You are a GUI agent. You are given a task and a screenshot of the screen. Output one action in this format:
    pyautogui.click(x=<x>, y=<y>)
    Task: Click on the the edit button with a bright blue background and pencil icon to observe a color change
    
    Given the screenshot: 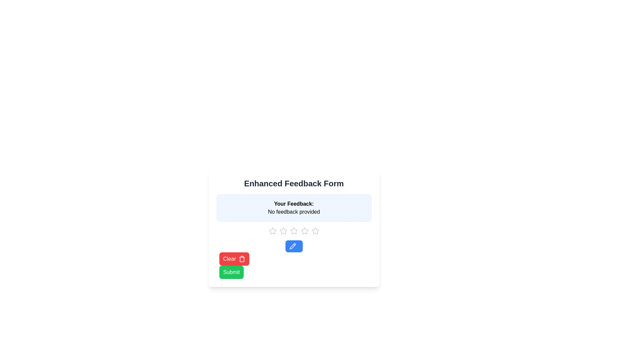 What is the action you would take?
    pyautogui.click(x=294, y=246)
    